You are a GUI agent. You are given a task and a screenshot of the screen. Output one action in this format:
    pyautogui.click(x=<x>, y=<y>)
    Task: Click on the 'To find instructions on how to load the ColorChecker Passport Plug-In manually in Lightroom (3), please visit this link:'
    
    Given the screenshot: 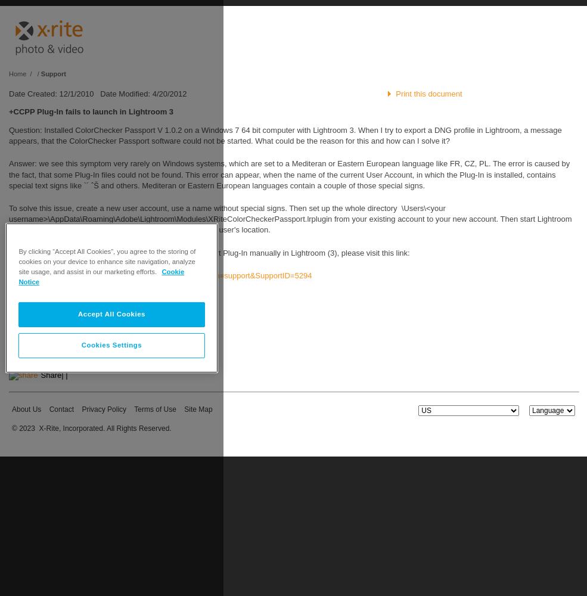 What is the action you would take?
    pyautogui.click(x=209, y=252)
    